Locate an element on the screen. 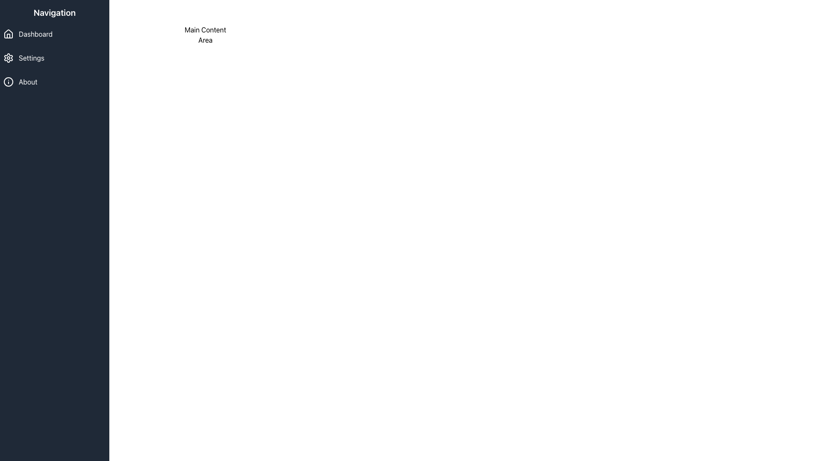  the rectangular structure of the house icon located in the 'Dashboard' menu option in the vertical navigation bar is located at coordinates (8, 35).